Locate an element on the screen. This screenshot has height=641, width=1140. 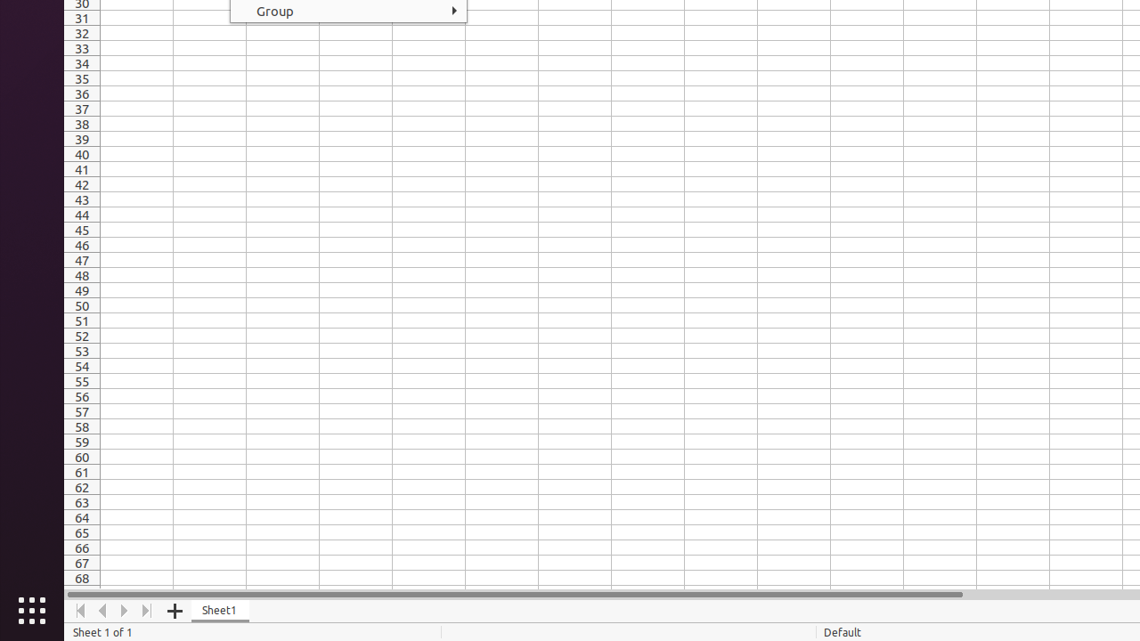
'Move To Home' is located at coordinates (79, 610).